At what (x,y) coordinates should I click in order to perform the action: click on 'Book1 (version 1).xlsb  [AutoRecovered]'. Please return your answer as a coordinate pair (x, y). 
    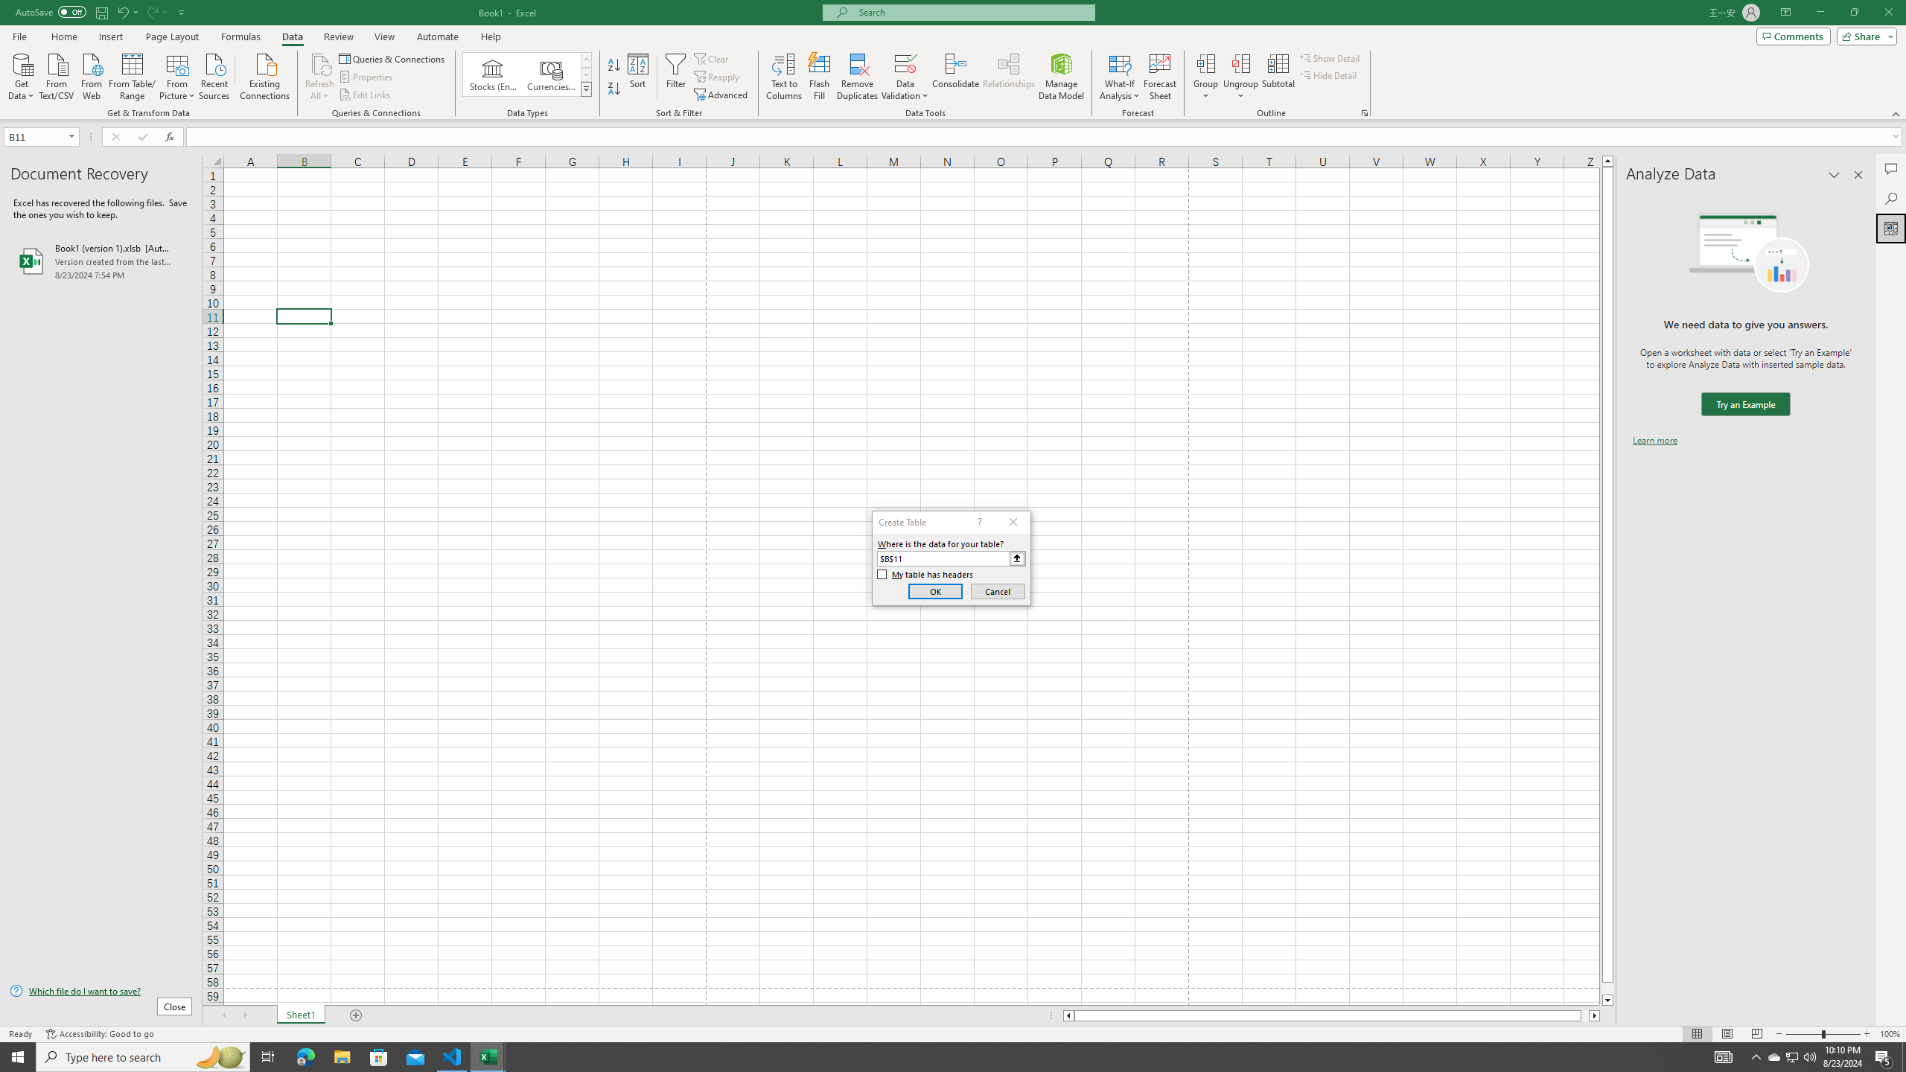
    Looking at the image, I should click on (100, 260).